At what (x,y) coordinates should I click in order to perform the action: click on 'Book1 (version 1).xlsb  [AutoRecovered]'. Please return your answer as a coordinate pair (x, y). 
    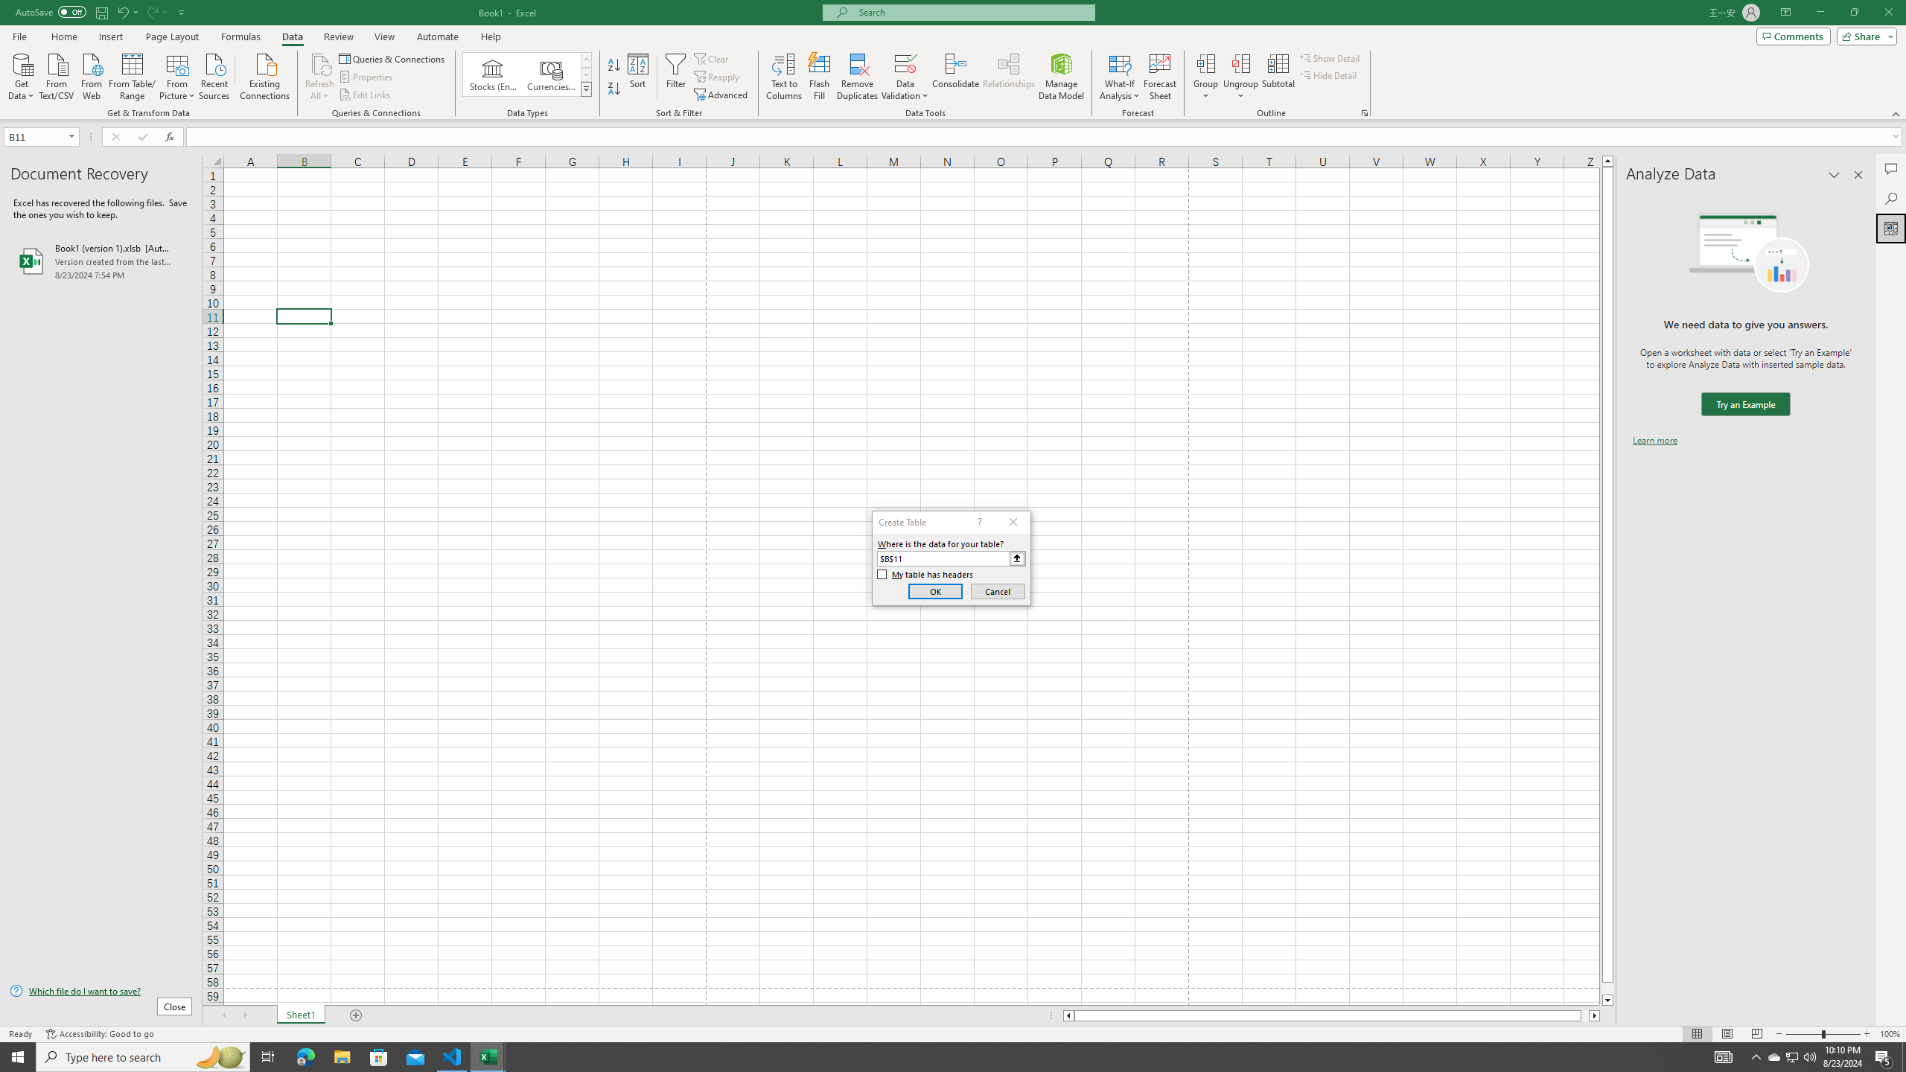
    Looking at the image, I should click on (100, 260).